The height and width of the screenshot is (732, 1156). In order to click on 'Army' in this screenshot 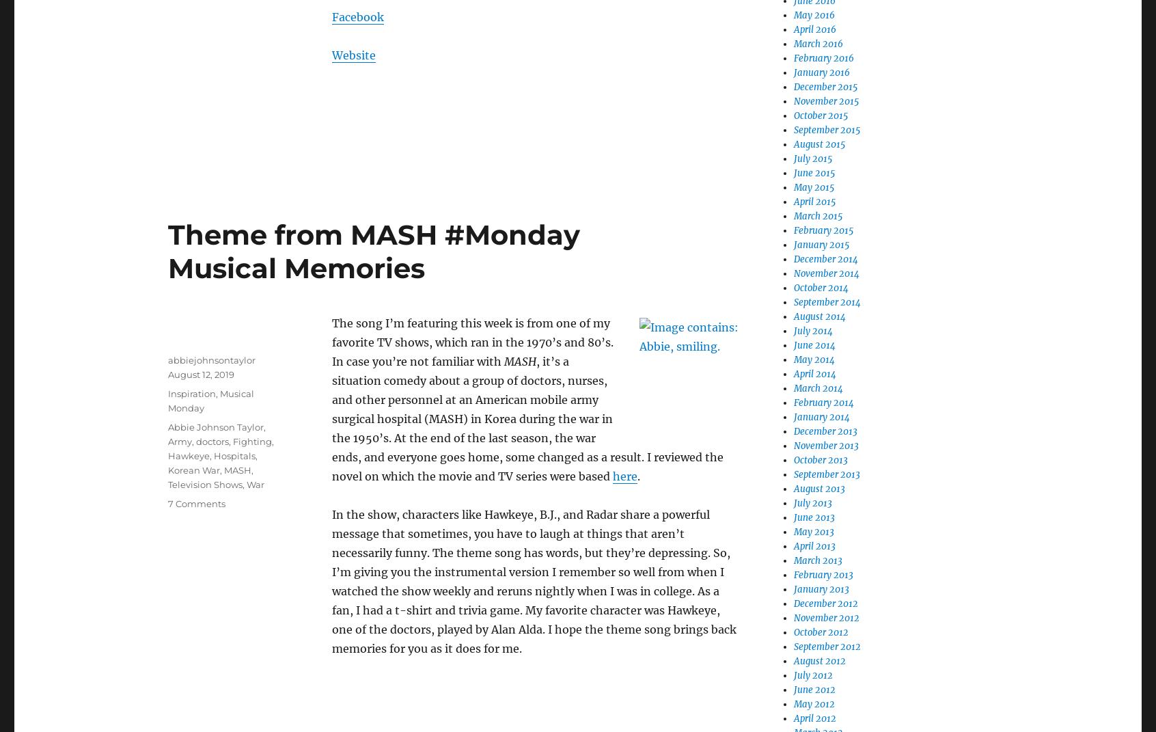, I will do `click(180, 441)`.